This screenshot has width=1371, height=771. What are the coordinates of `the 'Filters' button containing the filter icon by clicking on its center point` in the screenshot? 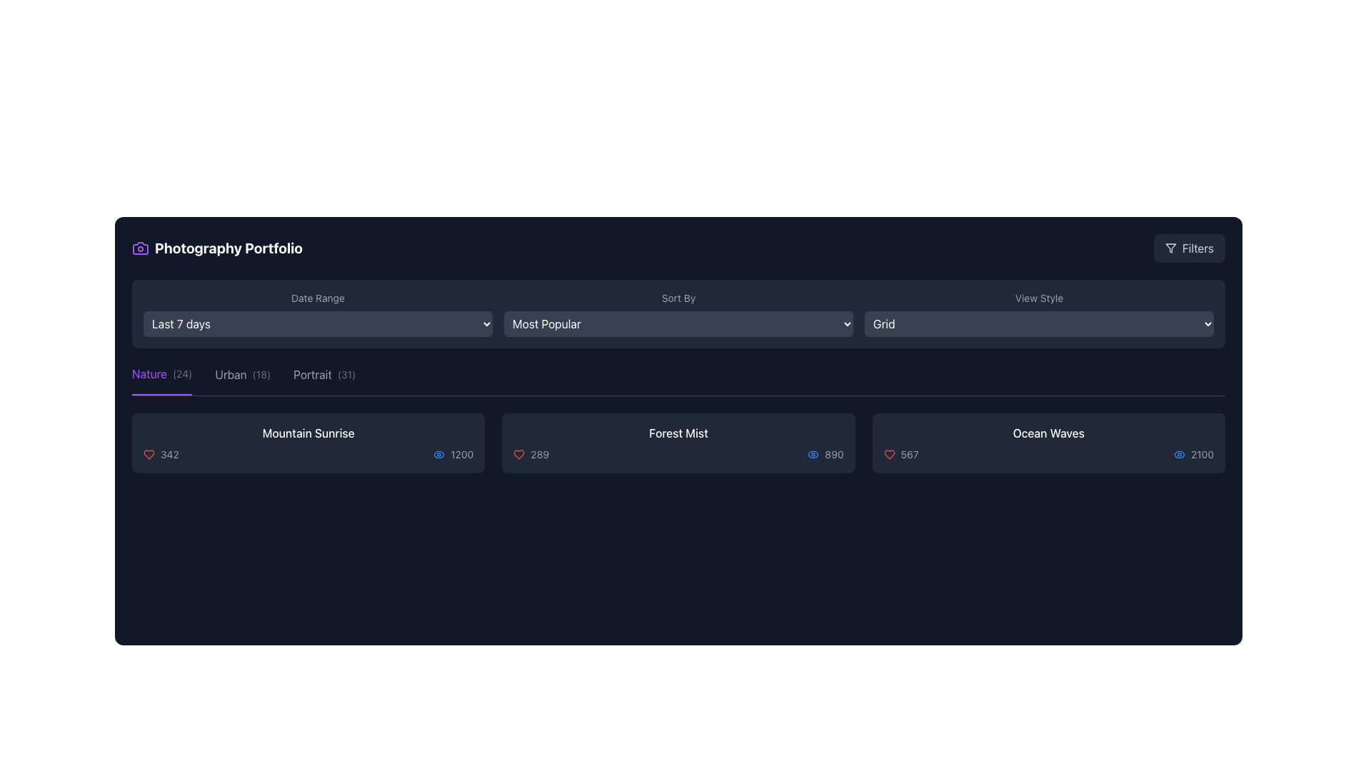 It's located at (1170, 247).